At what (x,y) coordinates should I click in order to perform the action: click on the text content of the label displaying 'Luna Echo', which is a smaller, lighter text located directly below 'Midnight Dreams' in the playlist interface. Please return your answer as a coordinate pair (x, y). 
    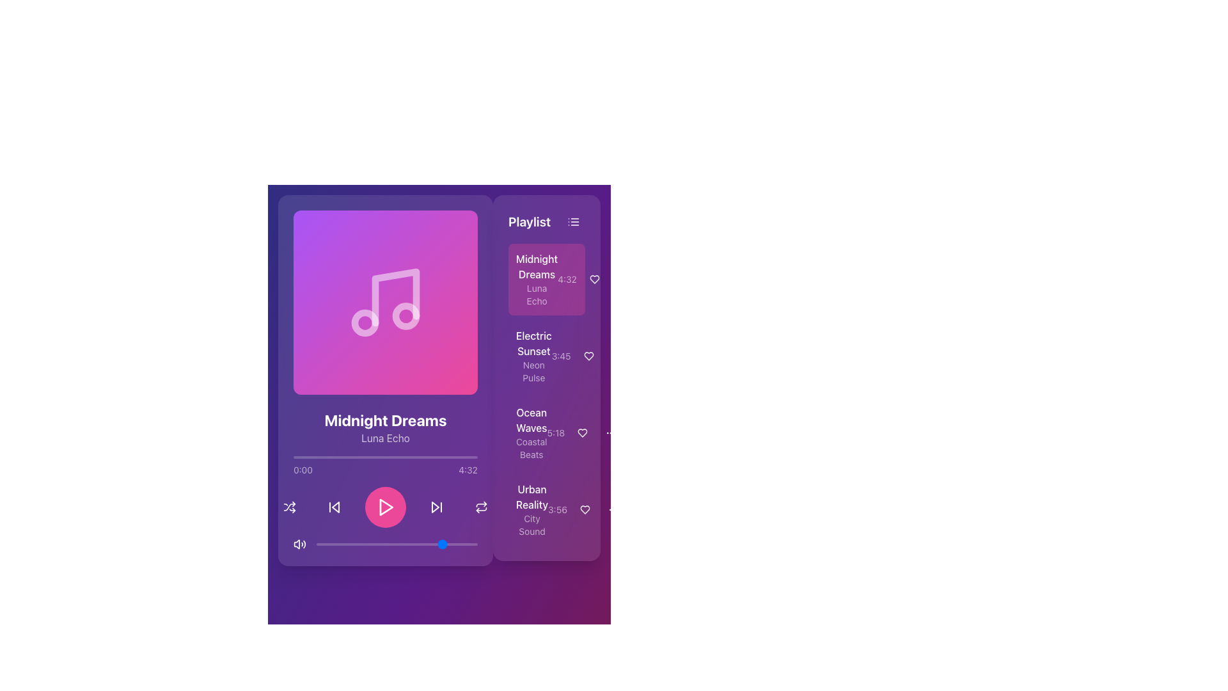
    Looking at the image, I should click on (537, 295).